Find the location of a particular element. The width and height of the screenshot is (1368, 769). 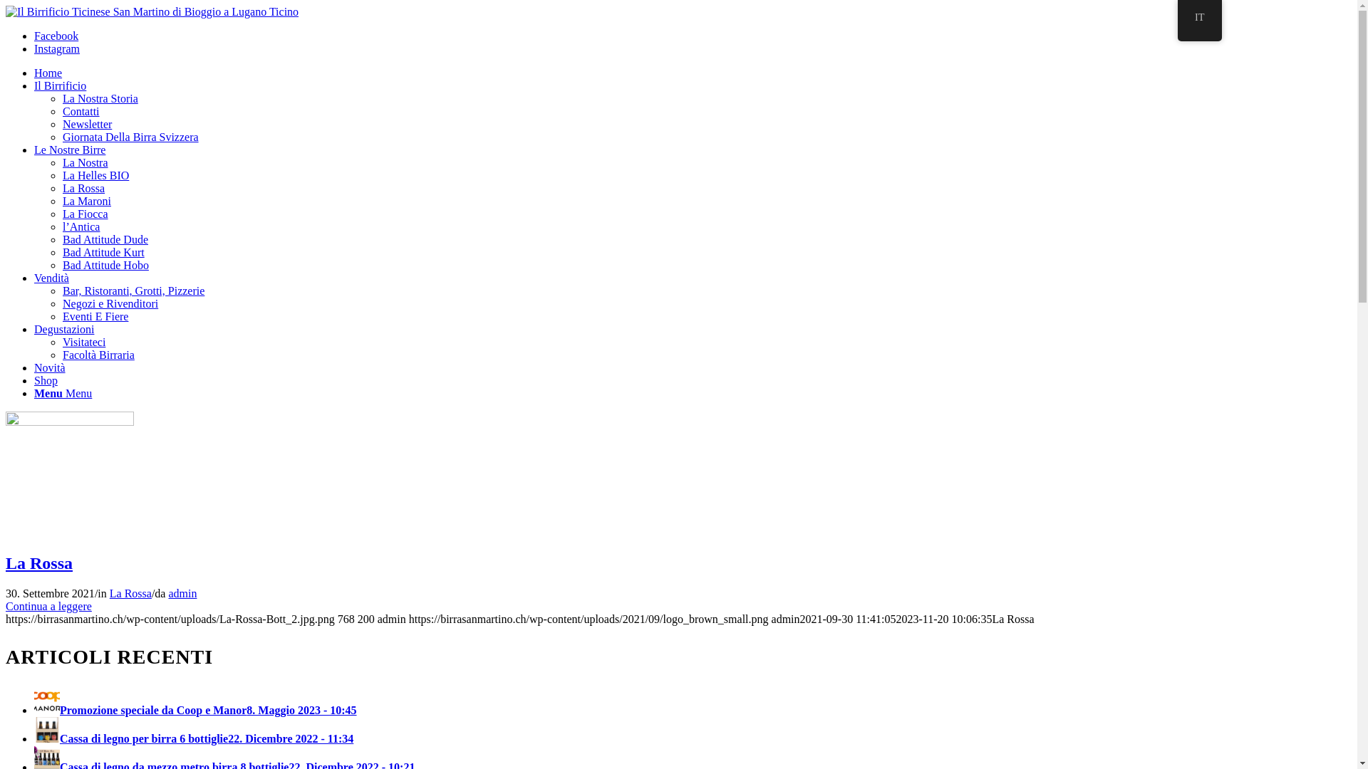

'La Rossa' is located at coordinates (130, 593).